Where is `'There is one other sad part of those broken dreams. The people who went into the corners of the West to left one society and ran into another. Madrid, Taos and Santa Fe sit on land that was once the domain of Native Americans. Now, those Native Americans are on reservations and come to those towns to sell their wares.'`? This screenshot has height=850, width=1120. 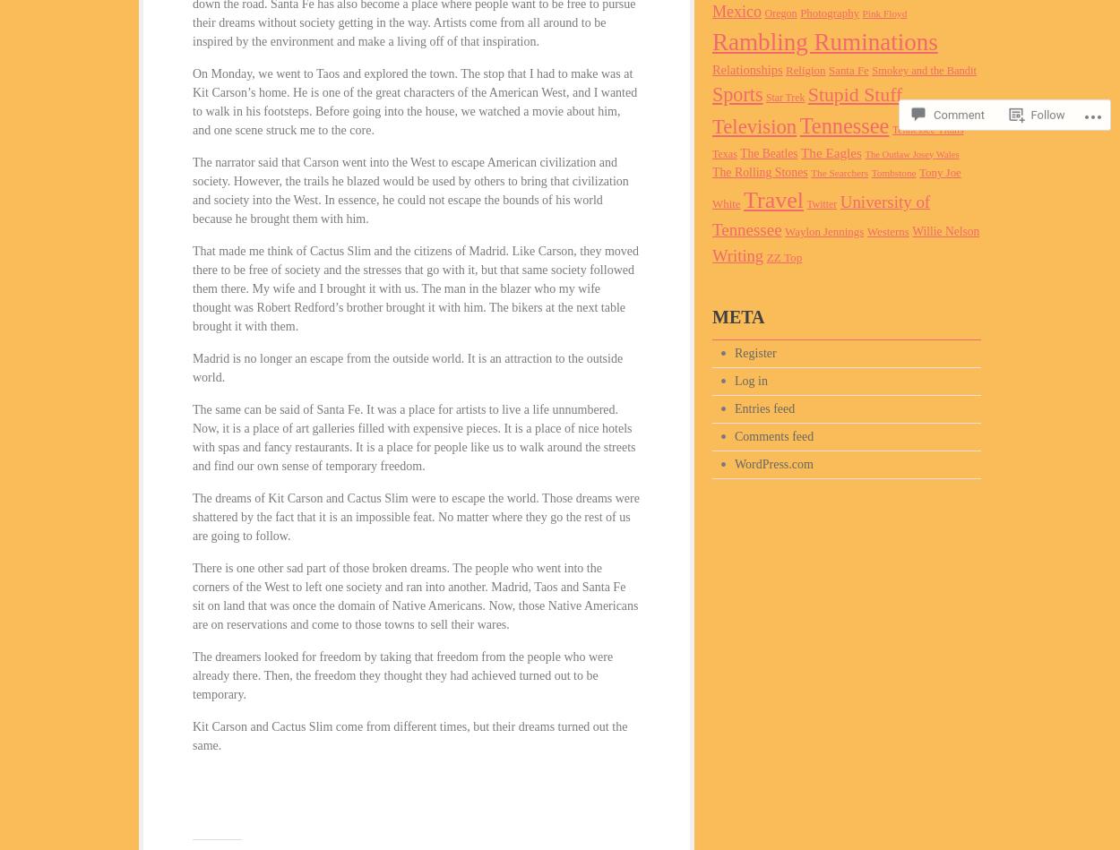 'There is one other sad part of those broken dreams. The people who went into the corners of the West to left one society and ran into another. Madrid, Taos and Santa Fe sit on land that was once the domain of Native Americans. Now, those Native Americans are on reservations and come to those towns to sell their wares.' is located at coordinates (414, 597).